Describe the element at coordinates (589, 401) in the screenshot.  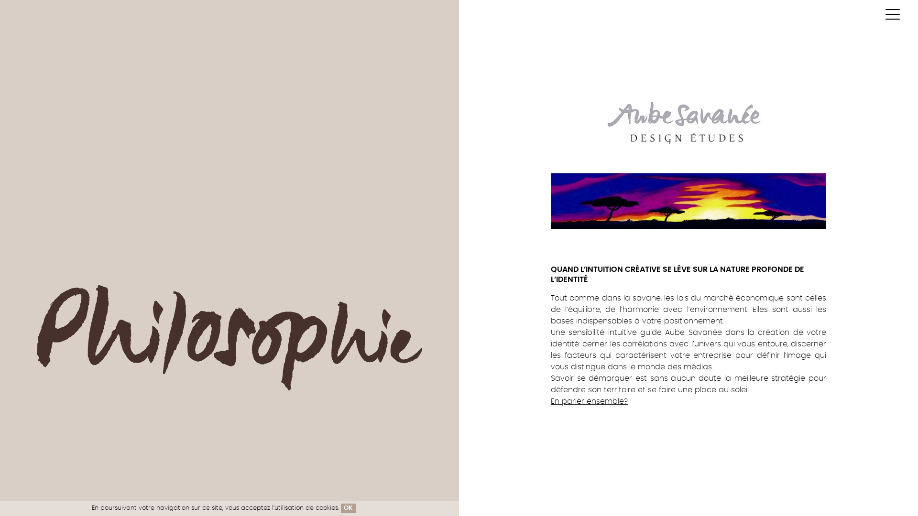
I see `'En parler ensemble?'` at that location.